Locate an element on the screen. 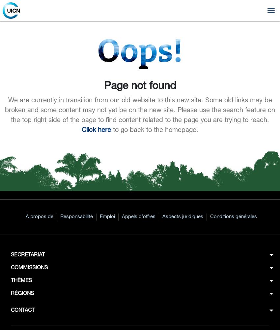  'We are currently in transition from our old website to this new site. Some old links may be broken and some content may not yet be on the new site. Please use the search feature on the top right side of the page to find content related to the page you are trying to reach.' is located at coordinates (140, 110).